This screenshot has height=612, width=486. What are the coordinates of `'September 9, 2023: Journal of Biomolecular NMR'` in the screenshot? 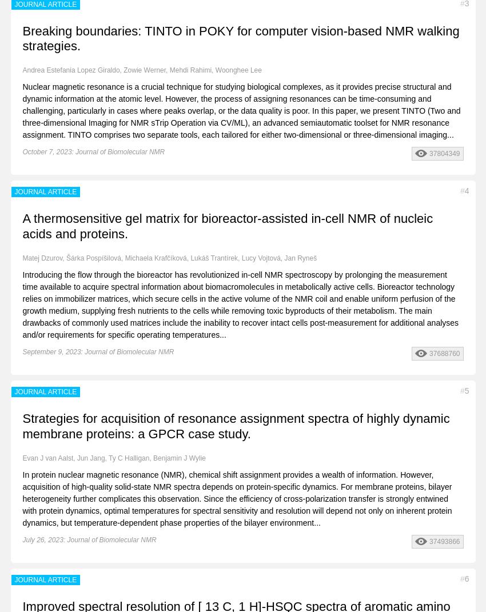 It's located at (97, 351).